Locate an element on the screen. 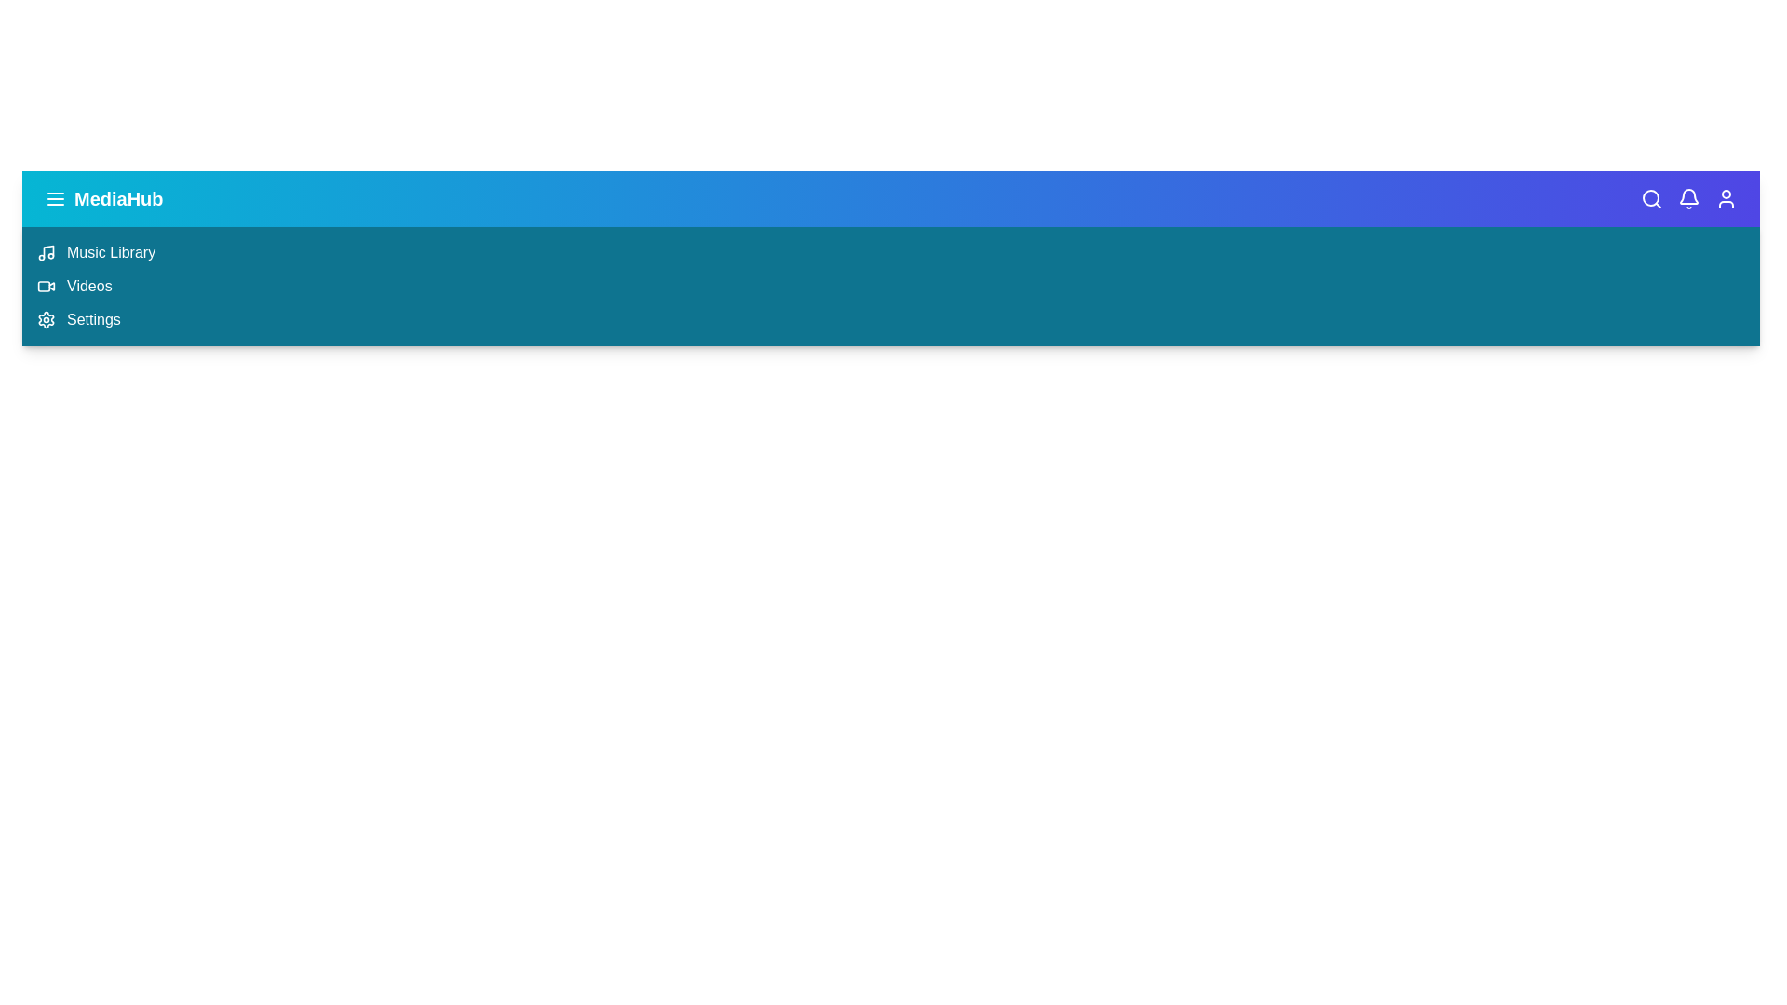 The width and height of the screenshot is (1787, 1005). the 'Music Library' option in the menu is located at coordinates (110, 253).